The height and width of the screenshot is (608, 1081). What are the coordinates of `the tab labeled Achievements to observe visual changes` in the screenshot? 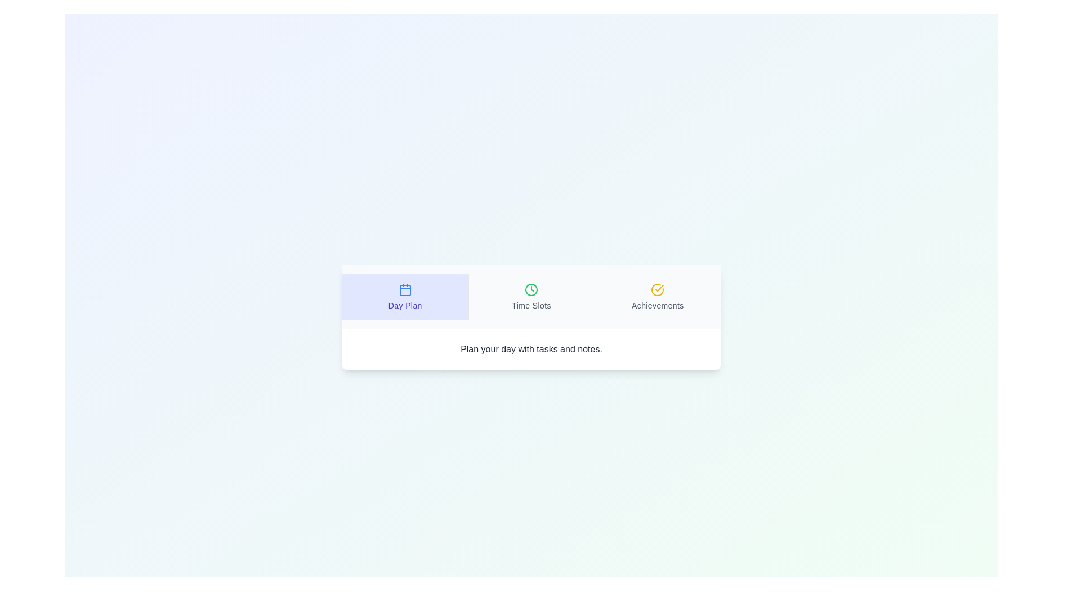 It's located at (657, 296).